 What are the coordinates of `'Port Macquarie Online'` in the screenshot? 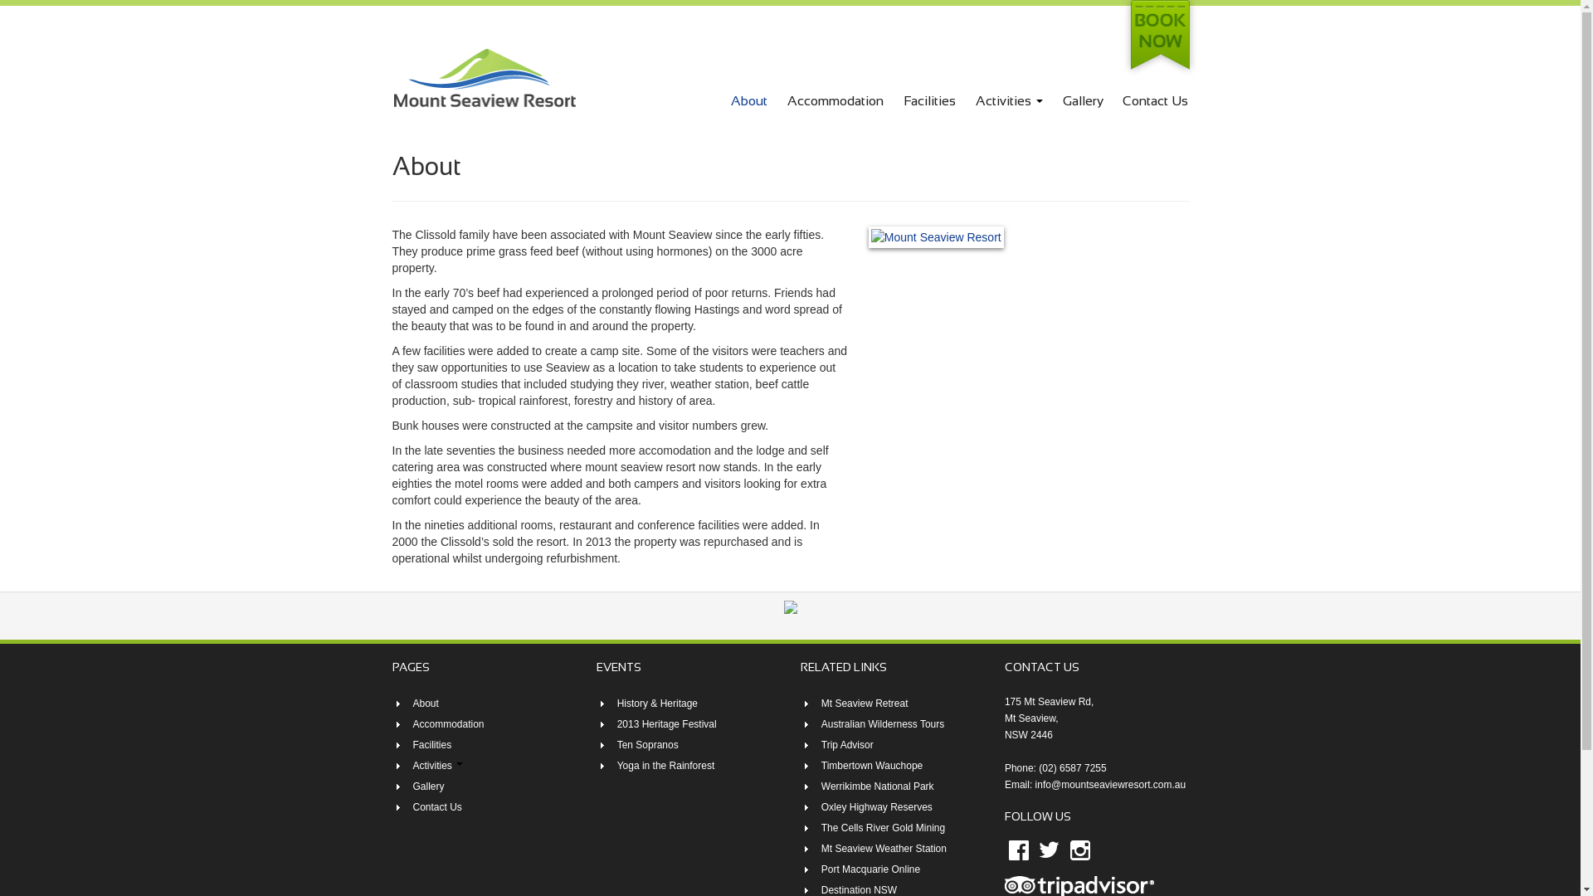 It's located at (821, 869).